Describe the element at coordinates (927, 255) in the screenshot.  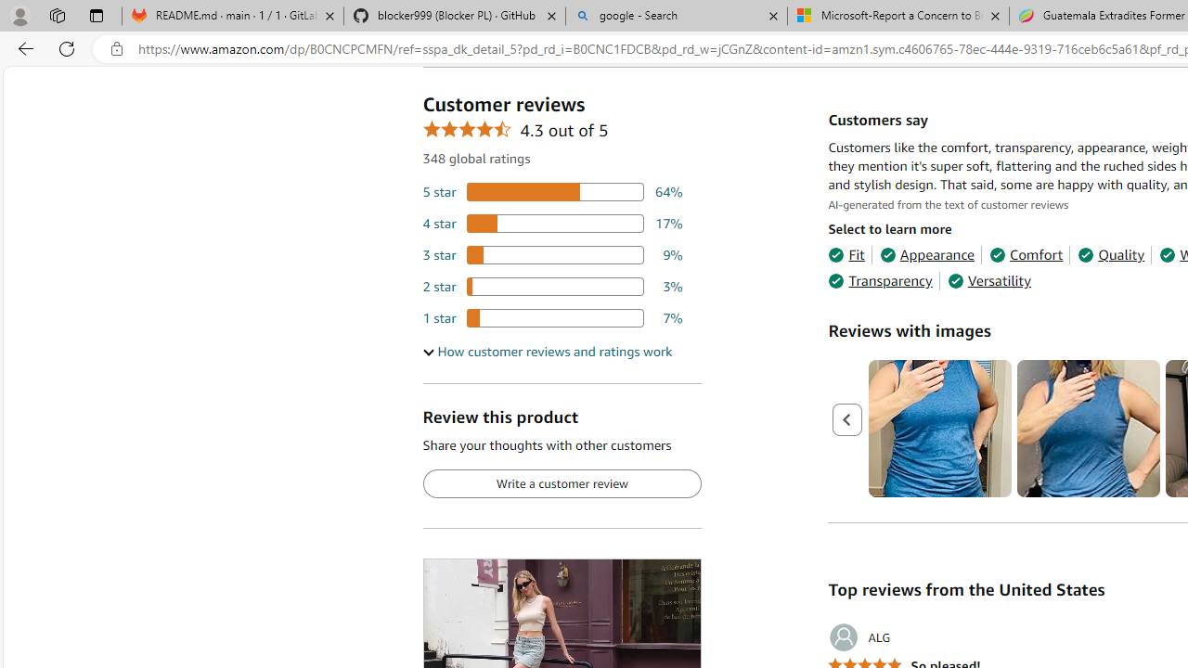
I see `'Appearance'` at that location.